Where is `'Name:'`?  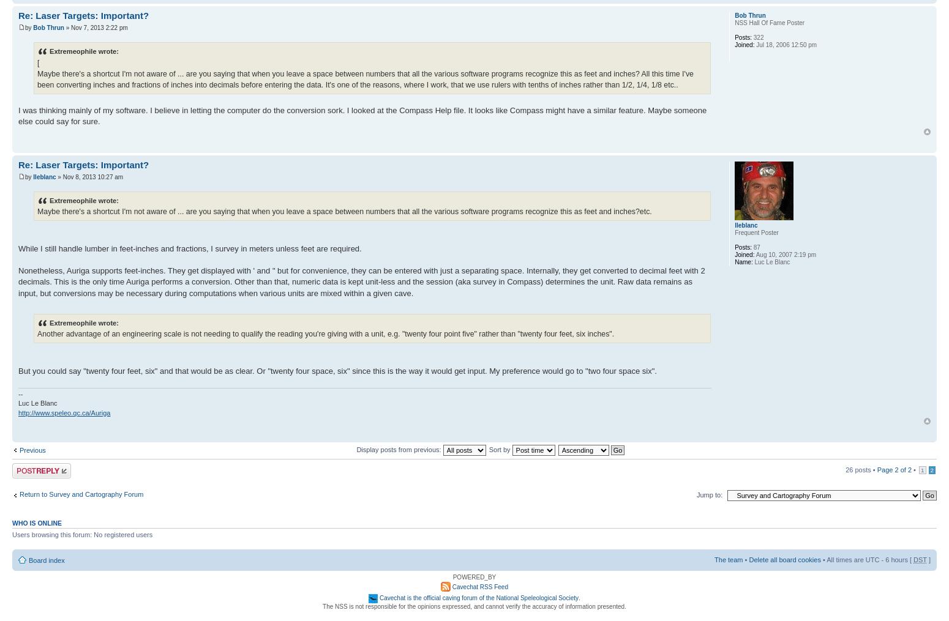 'Name:' is located at coordinates (743, 261).